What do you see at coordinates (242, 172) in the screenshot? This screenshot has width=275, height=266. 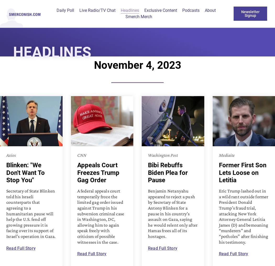 I see `'Former First Son Lets Loose on Letitia'` at bounding box center [242, 172].